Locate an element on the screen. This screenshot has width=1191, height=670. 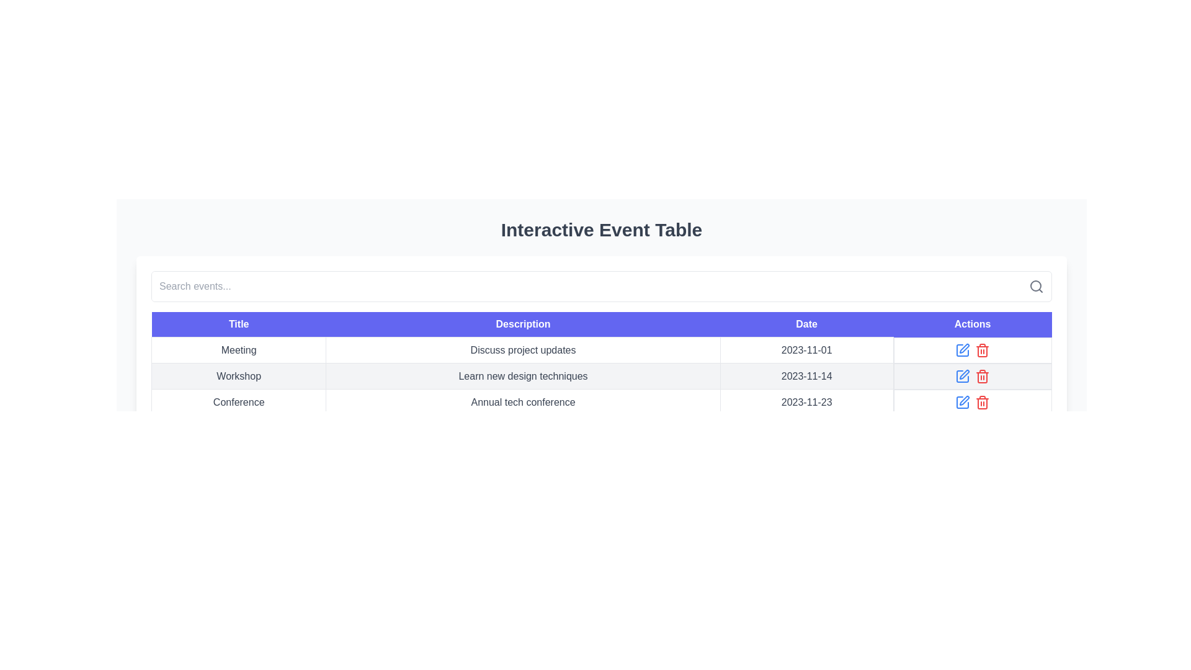
the table header cell displaying the text 'Date' with a blue background, located at the third position in the header section of the table is located at coordinates (806, 324).